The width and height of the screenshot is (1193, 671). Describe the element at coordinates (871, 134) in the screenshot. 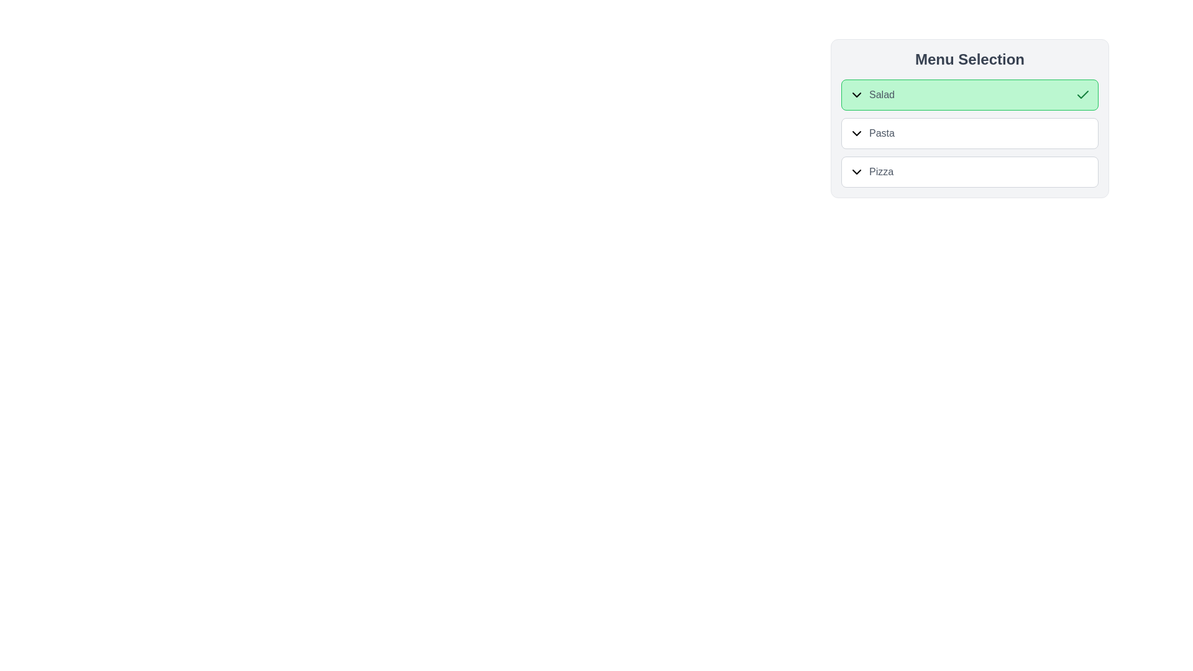

I see `the downward-pointing chevron icon next to the 'Pasta' menu item` at that location.